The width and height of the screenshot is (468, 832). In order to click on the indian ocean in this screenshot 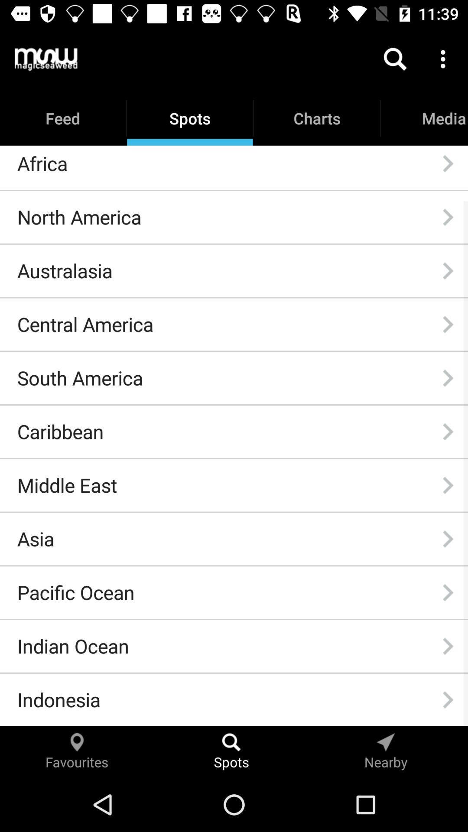, I will do `click(72, 646)`.